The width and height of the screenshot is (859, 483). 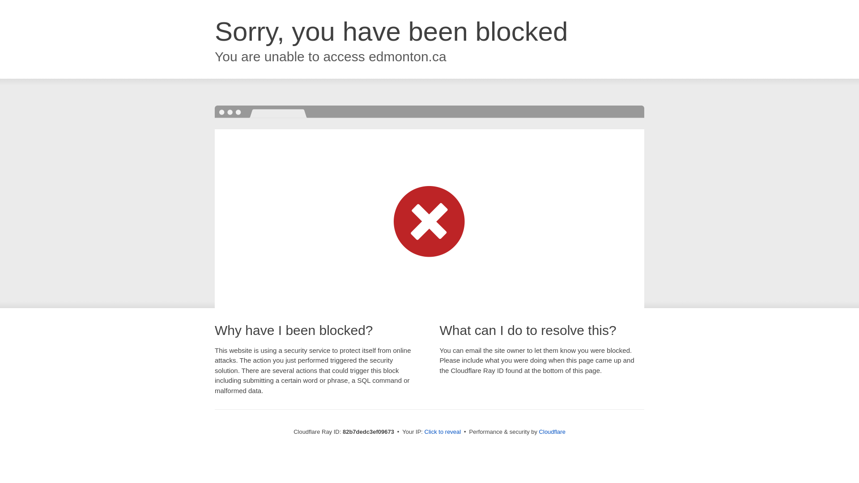 What do you see at coordinates (552, 431) in the screenshot?
I see `'Cloudflare'` at bounding box center [552, 431].